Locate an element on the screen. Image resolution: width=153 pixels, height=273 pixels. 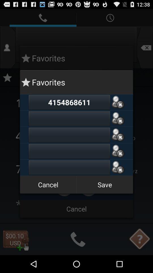
mark as a favorite is located at coordinates (118, 135).